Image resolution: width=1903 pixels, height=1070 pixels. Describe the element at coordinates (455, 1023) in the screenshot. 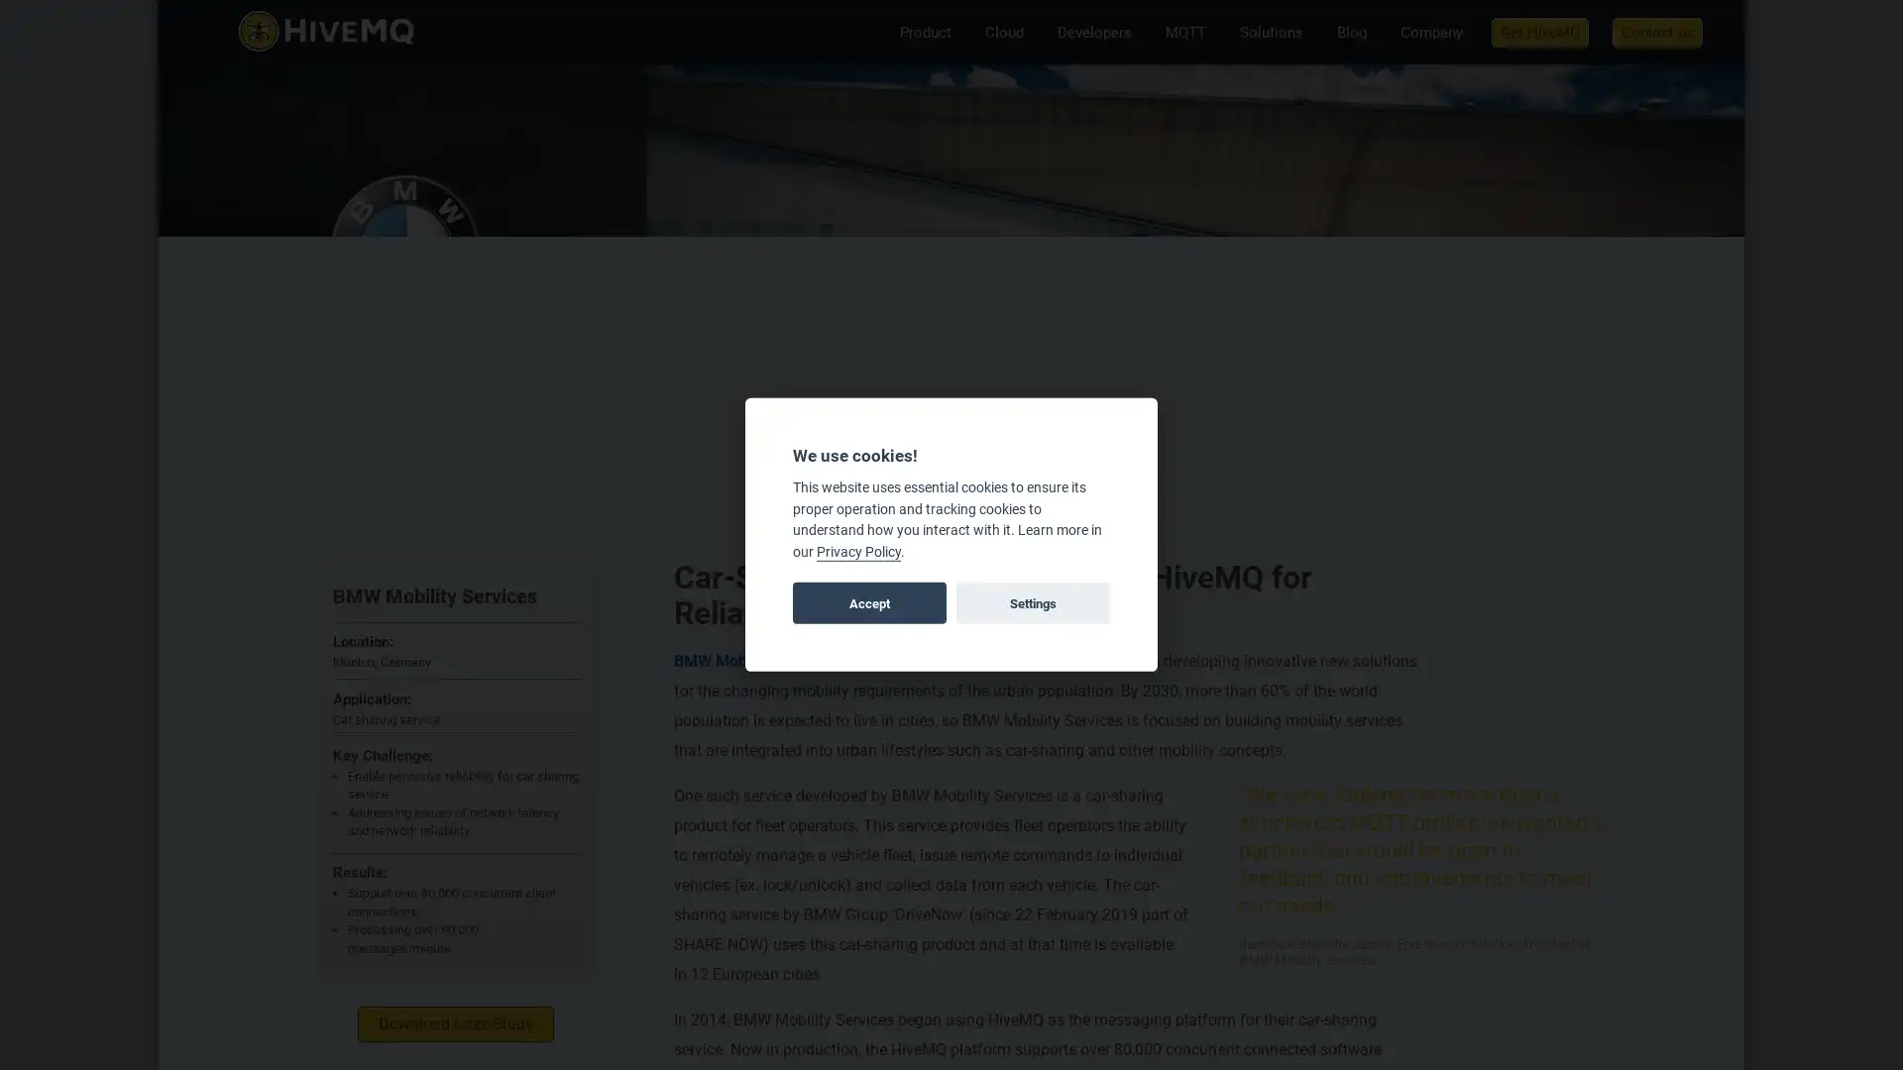

I see `Download Case Study` at that location.